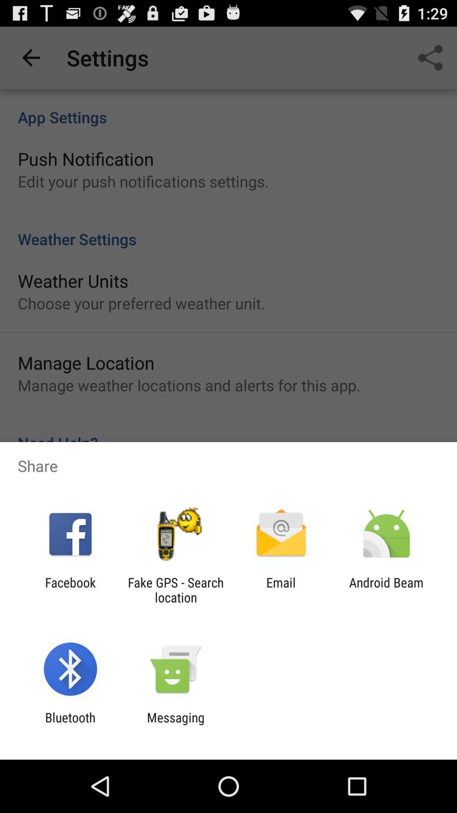 The width and height of the screenshot is (457, 813). I want to click on the app to the right of the facebook app, so click(175, 589).